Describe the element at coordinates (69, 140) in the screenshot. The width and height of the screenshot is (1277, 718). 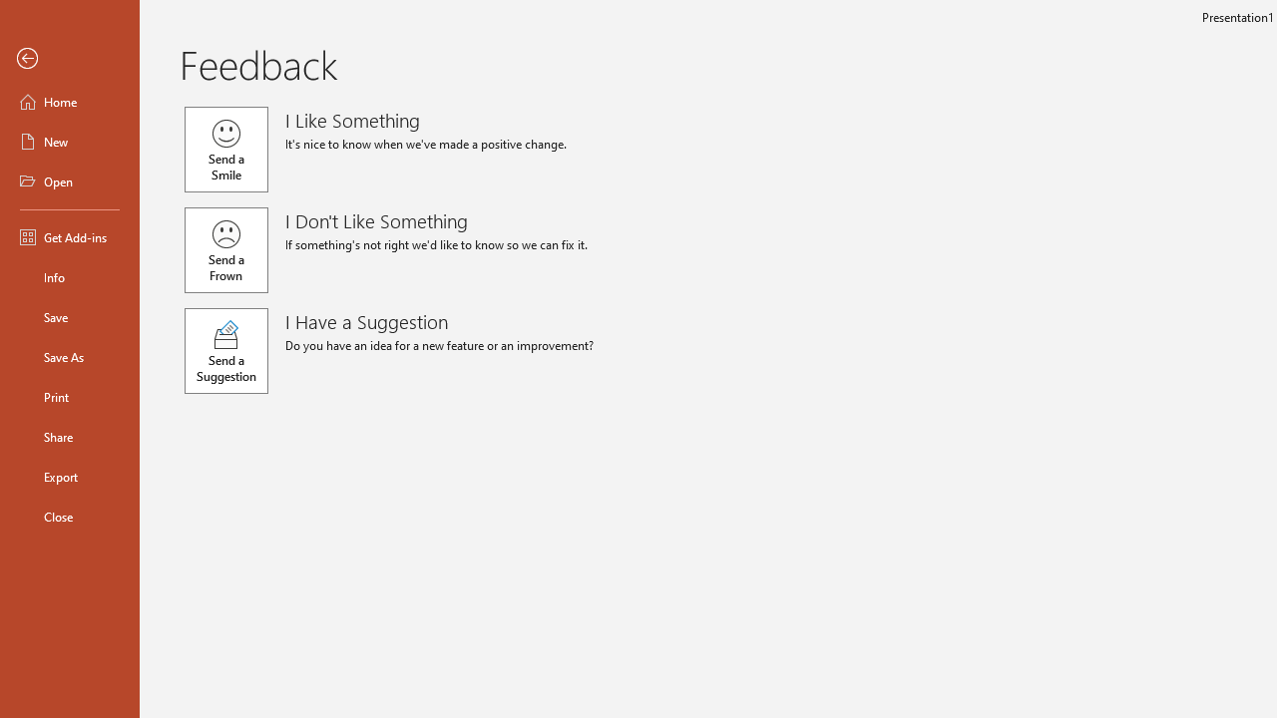
I see `'New'` at that location.